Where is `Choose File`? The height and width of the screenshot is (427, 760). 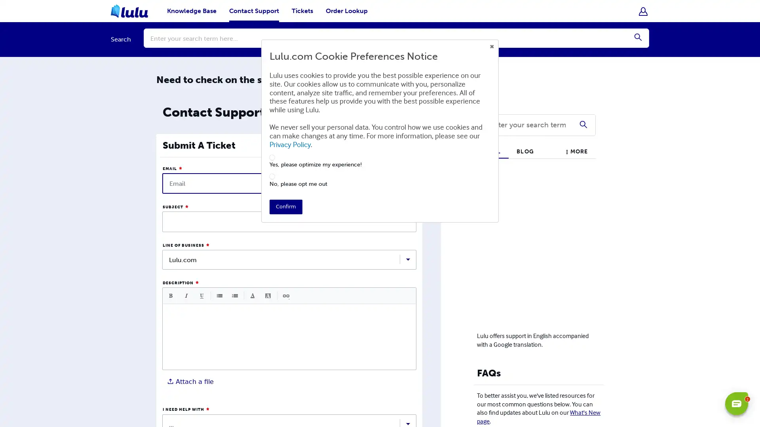
Choose File is located at coordinates (170, 374).